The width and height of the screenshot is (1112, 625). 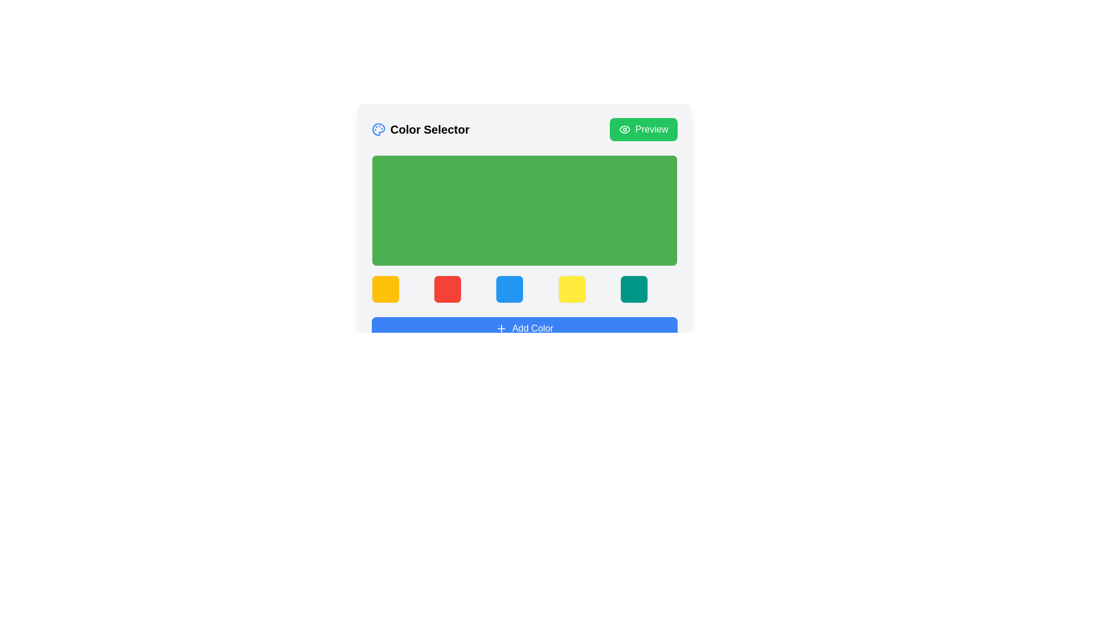 What do you see at coordinates (378, 129) in the screenshot?
I see `the oval outline part of the palette icon located in the top-left corner of the interface near the 'Color Selector' title` at bounding box center [378, 129].